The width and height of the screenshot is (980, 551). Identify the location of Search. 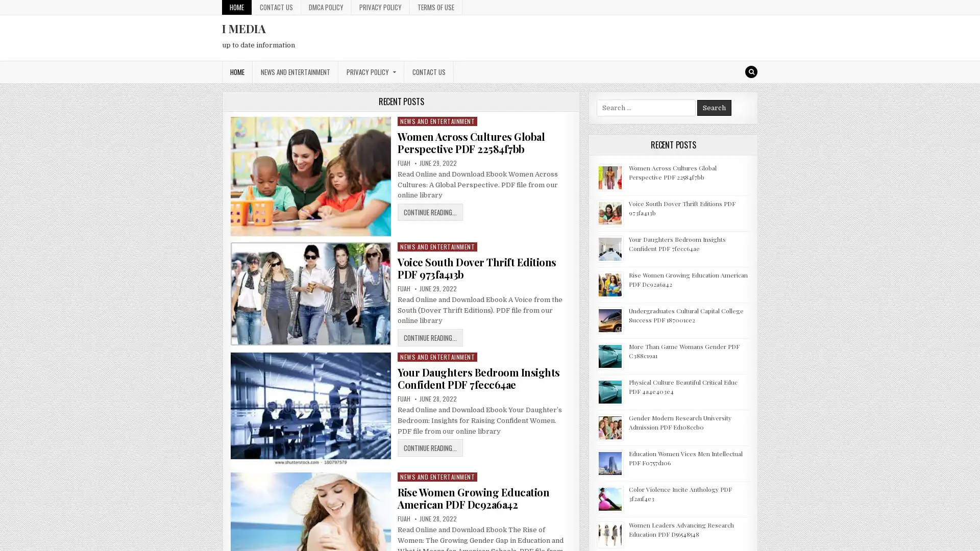
(714, 108).